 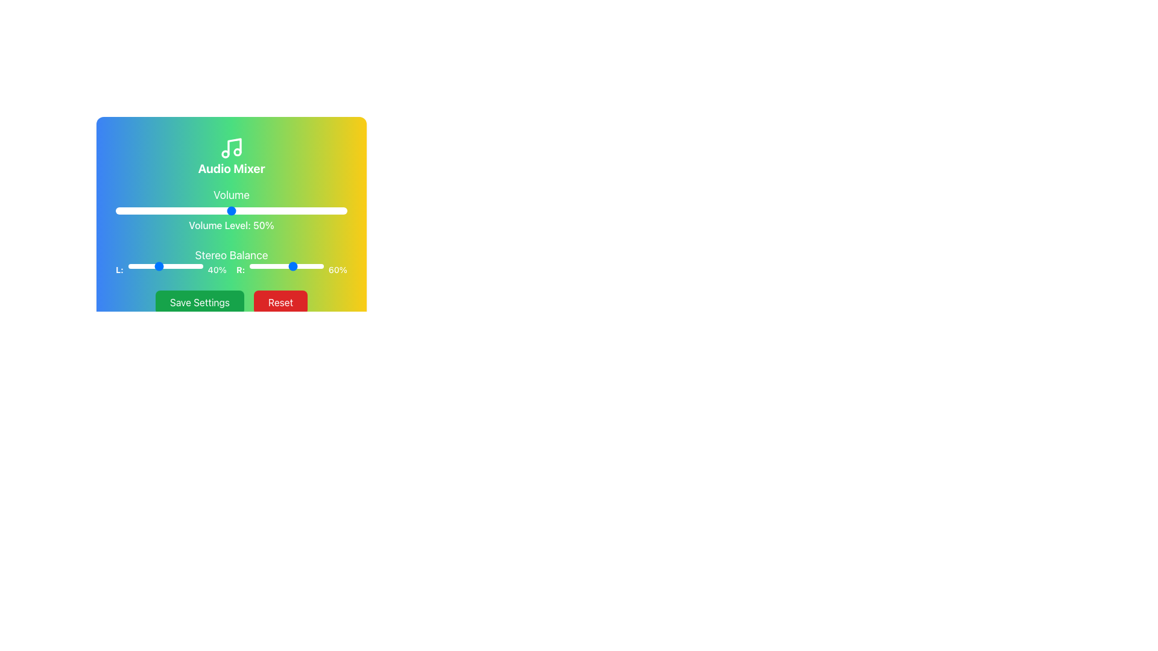 I want to click on the slider, so click(x=149, y=266).